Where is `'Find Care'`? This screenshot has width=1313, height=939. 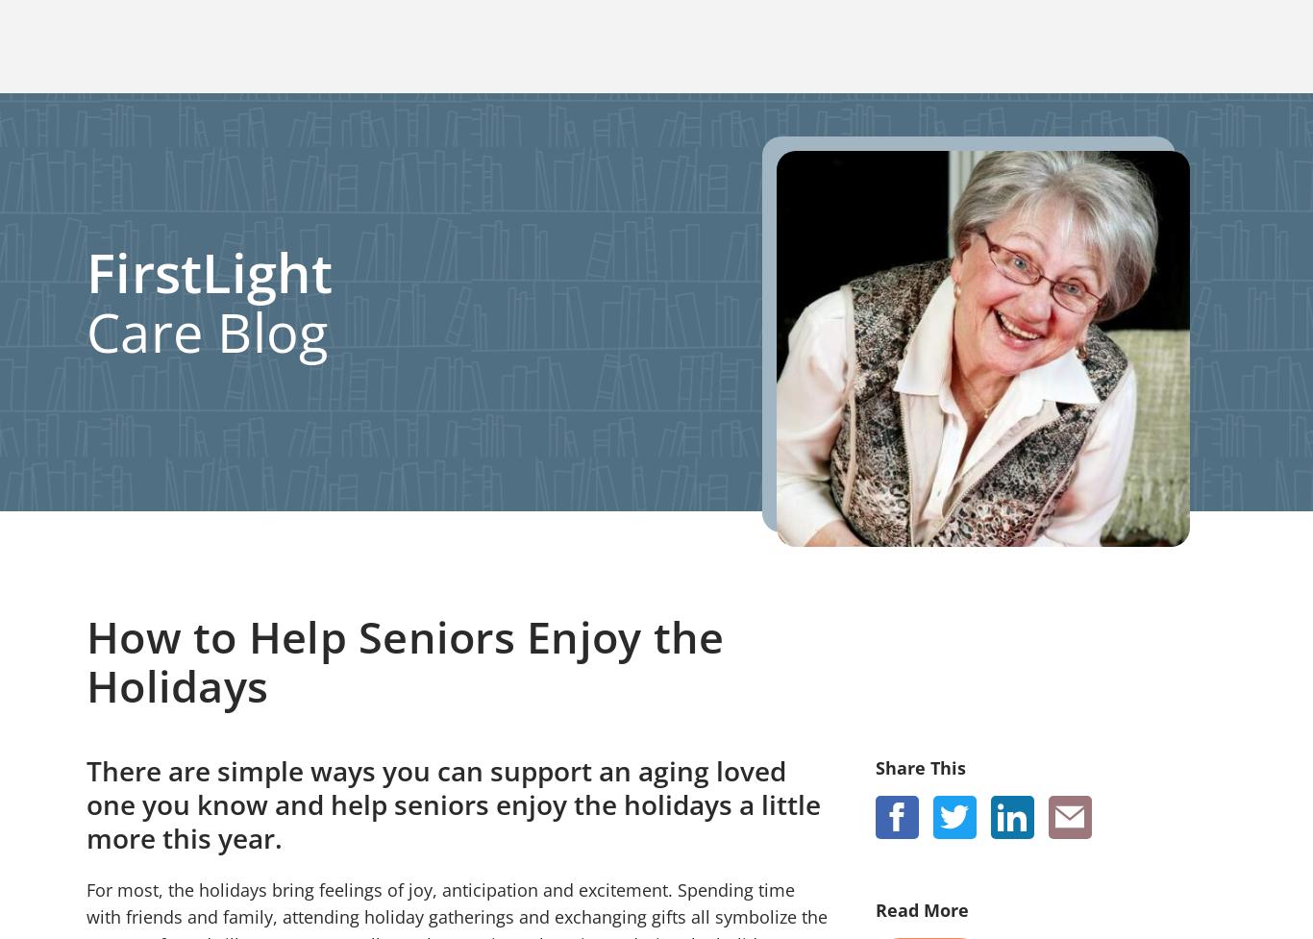
'Find Care' is located at coordinates (228, 853).